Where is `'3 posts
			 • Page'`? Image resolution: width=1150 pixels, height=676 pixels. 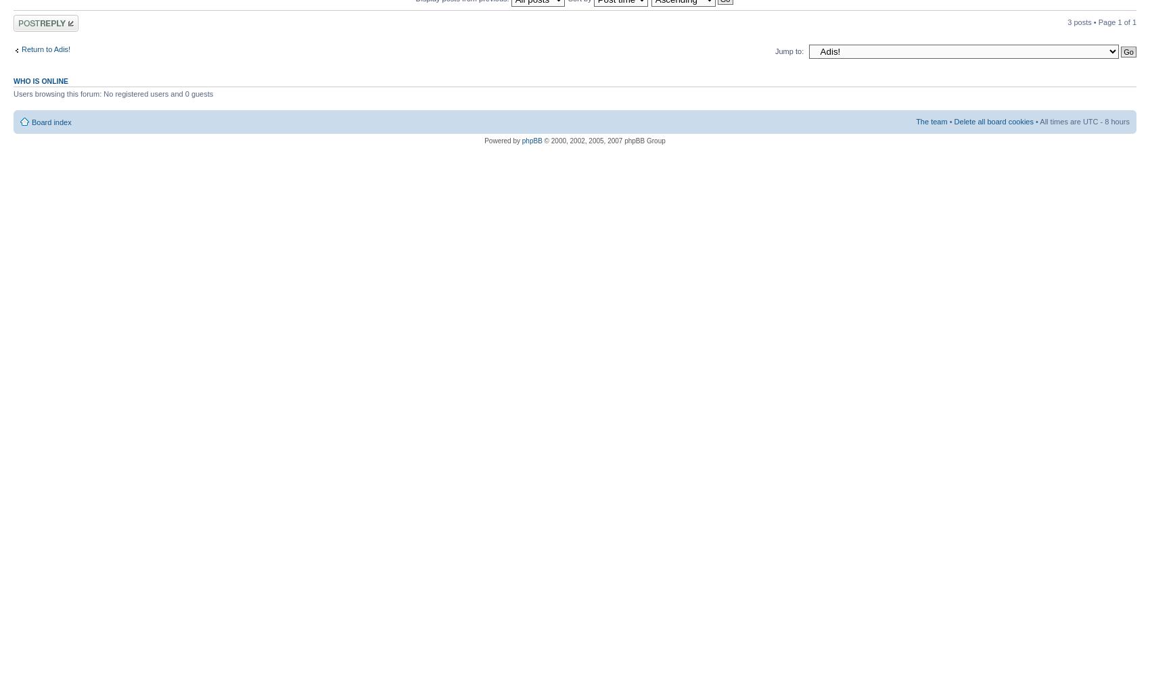
'3 posts
			 • Page' is located at coordinates (1092, 22).